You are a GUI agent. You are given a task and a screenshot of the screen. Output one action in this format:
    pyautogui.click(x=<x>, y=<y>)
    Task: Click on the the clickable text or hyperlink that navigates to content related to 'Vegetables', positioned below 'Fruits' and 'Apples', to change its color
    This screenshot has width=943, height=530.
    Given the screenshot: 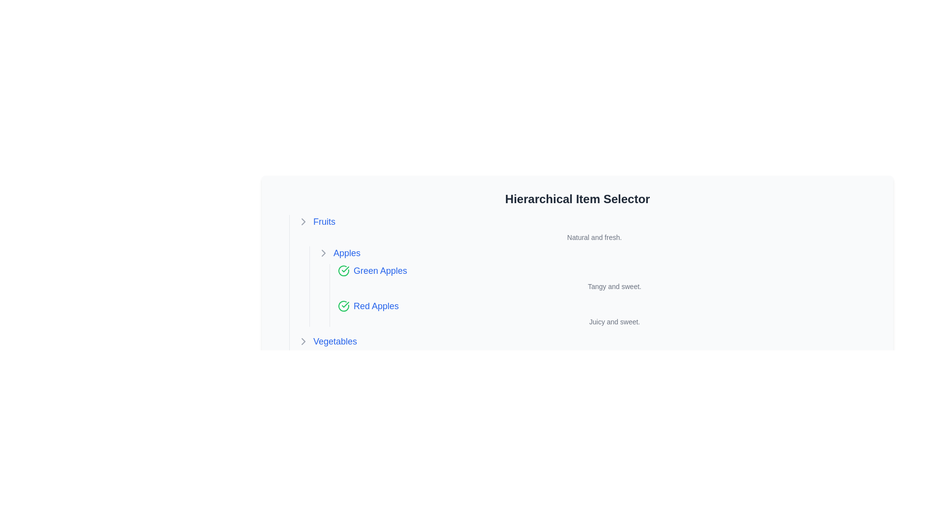 What is the action you would take?
    pyautogui.click(x=335, y=341)
    